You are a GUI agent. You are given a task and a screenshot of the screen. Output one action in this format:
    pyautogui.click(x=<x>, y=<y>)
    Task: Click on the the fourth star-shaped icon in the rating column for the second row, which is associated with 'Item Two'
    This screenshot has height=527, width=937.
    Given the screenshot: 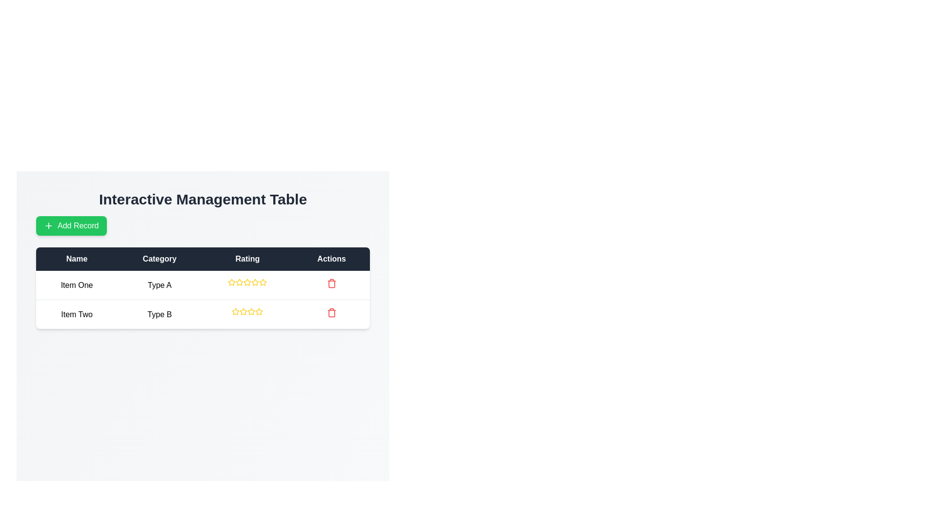 What is the action you would take?
    pyautogui.click(x=251, y=312)
    